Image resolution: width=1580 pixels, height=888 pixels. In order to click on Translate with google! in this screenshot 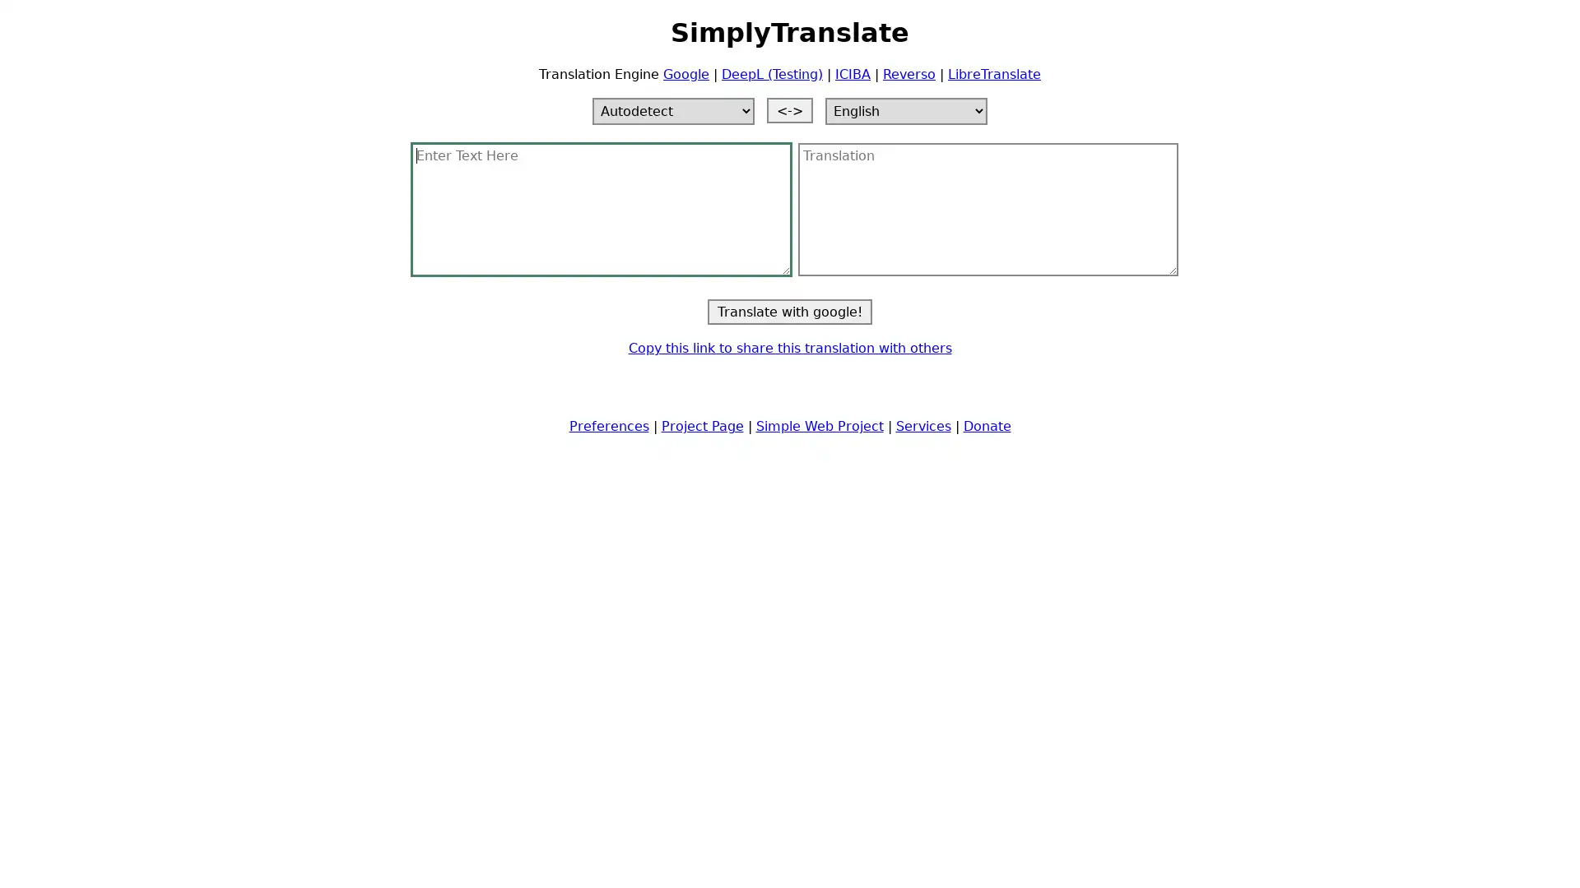, I will do `click(790, 311)`.